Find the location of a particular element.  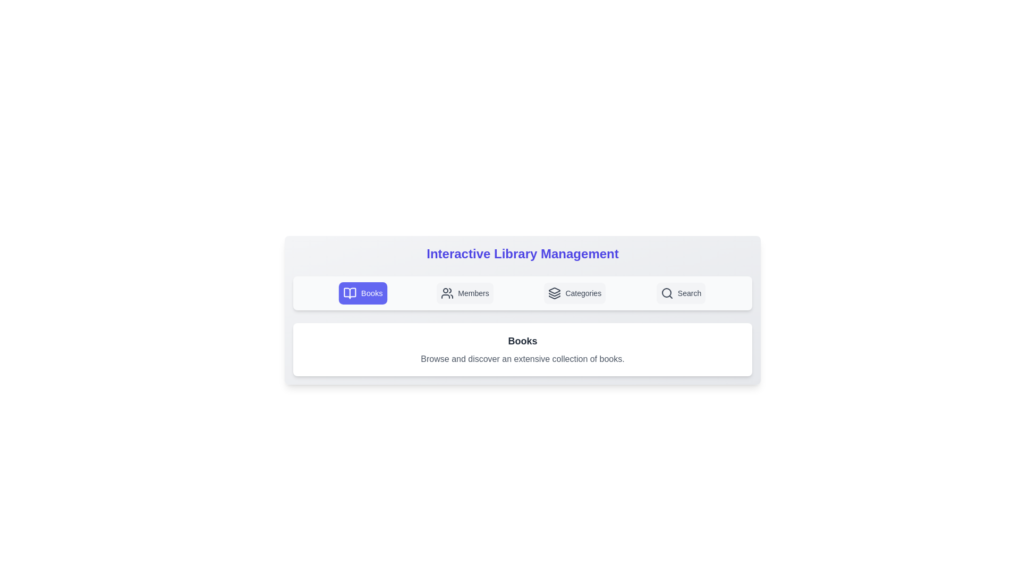

text of the 'Members' navigation button label, which is positioned next to an icon resembling a group of people in the horizontal navigation bar at the top of the interface is located at coordinates (473, 293).